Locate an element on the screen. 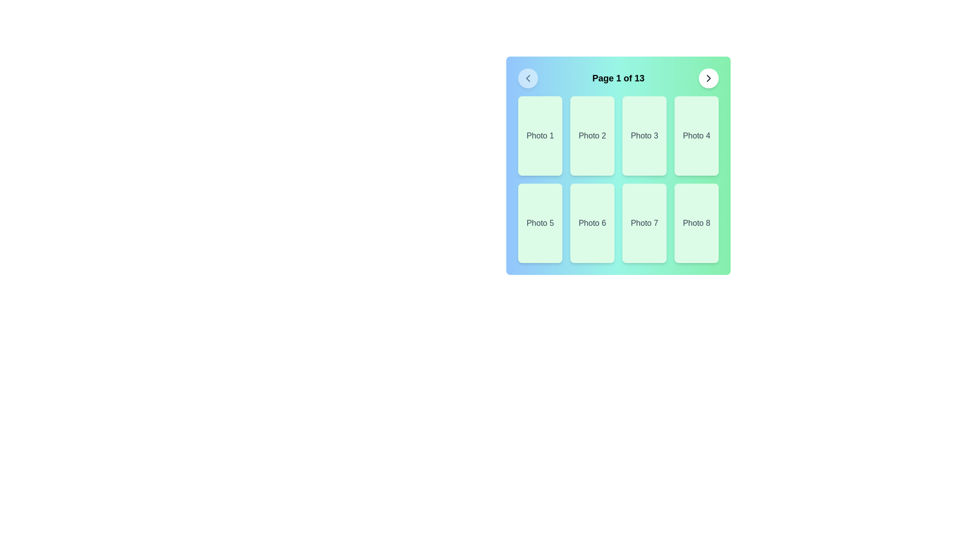 The height and width of the screenshot is (536, 953). the leftward-pointing chevron SVG icon within the circular button located at the top-left corner of the card grid layout is located at coordinates (528, 78).